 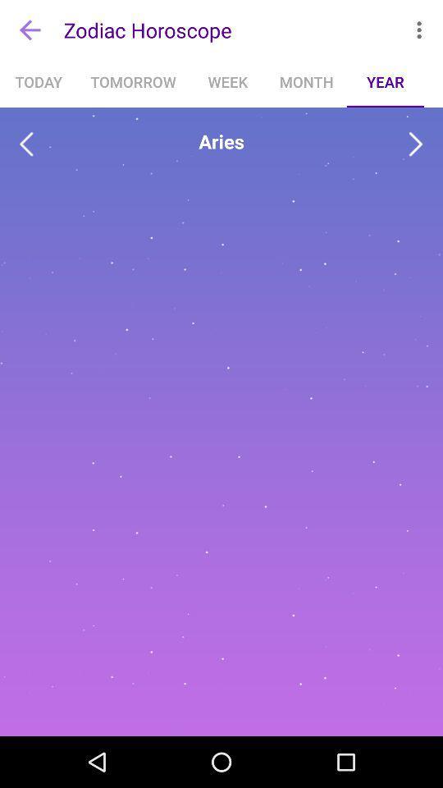 What do you see at coordinates (416, 144) in the screenshot?
I see `the arrow_forward icon` at bounding box center [416, 144].